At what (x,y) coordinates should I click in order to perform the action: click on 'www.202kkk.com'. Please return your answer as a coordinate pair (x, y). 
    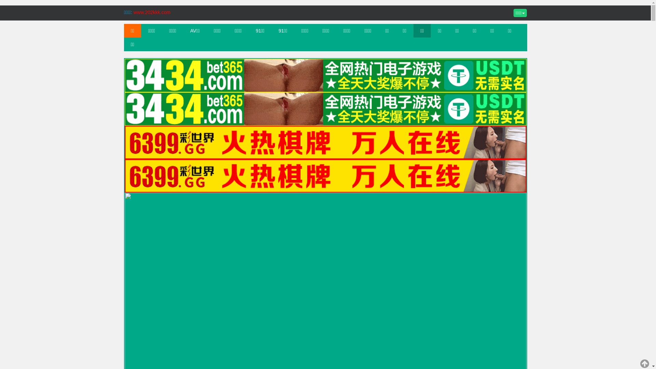
    Looking at the image, I should click on (133, 12).